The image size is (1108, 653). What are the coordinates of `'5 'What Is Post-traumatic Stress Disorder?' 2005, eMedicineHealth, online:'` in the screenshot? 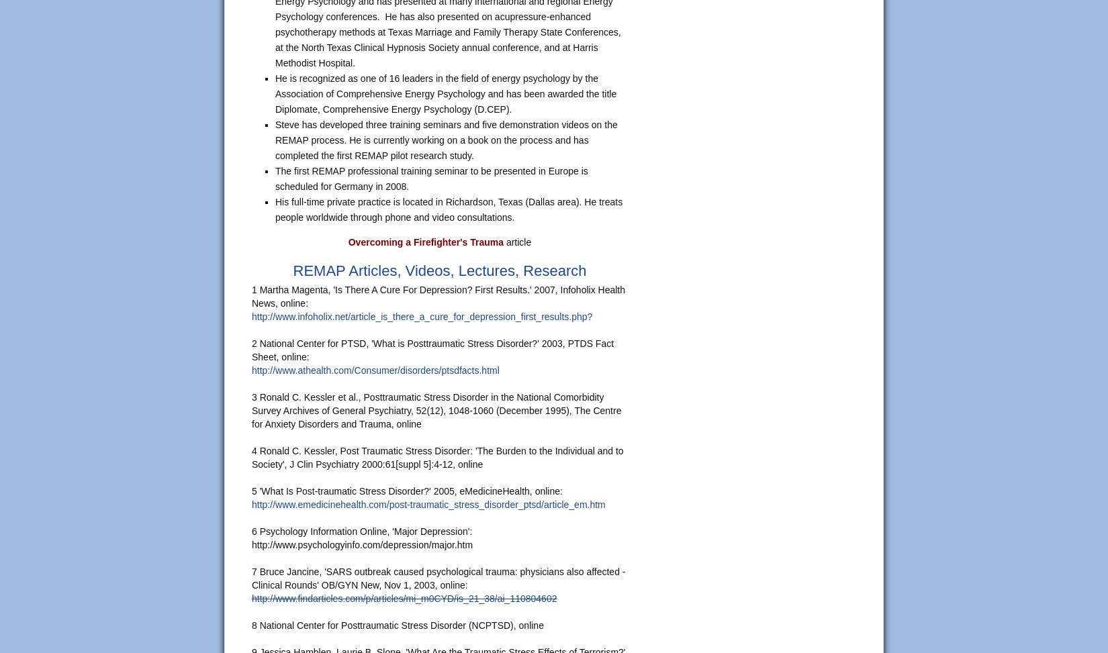 It's located at (252, 491).